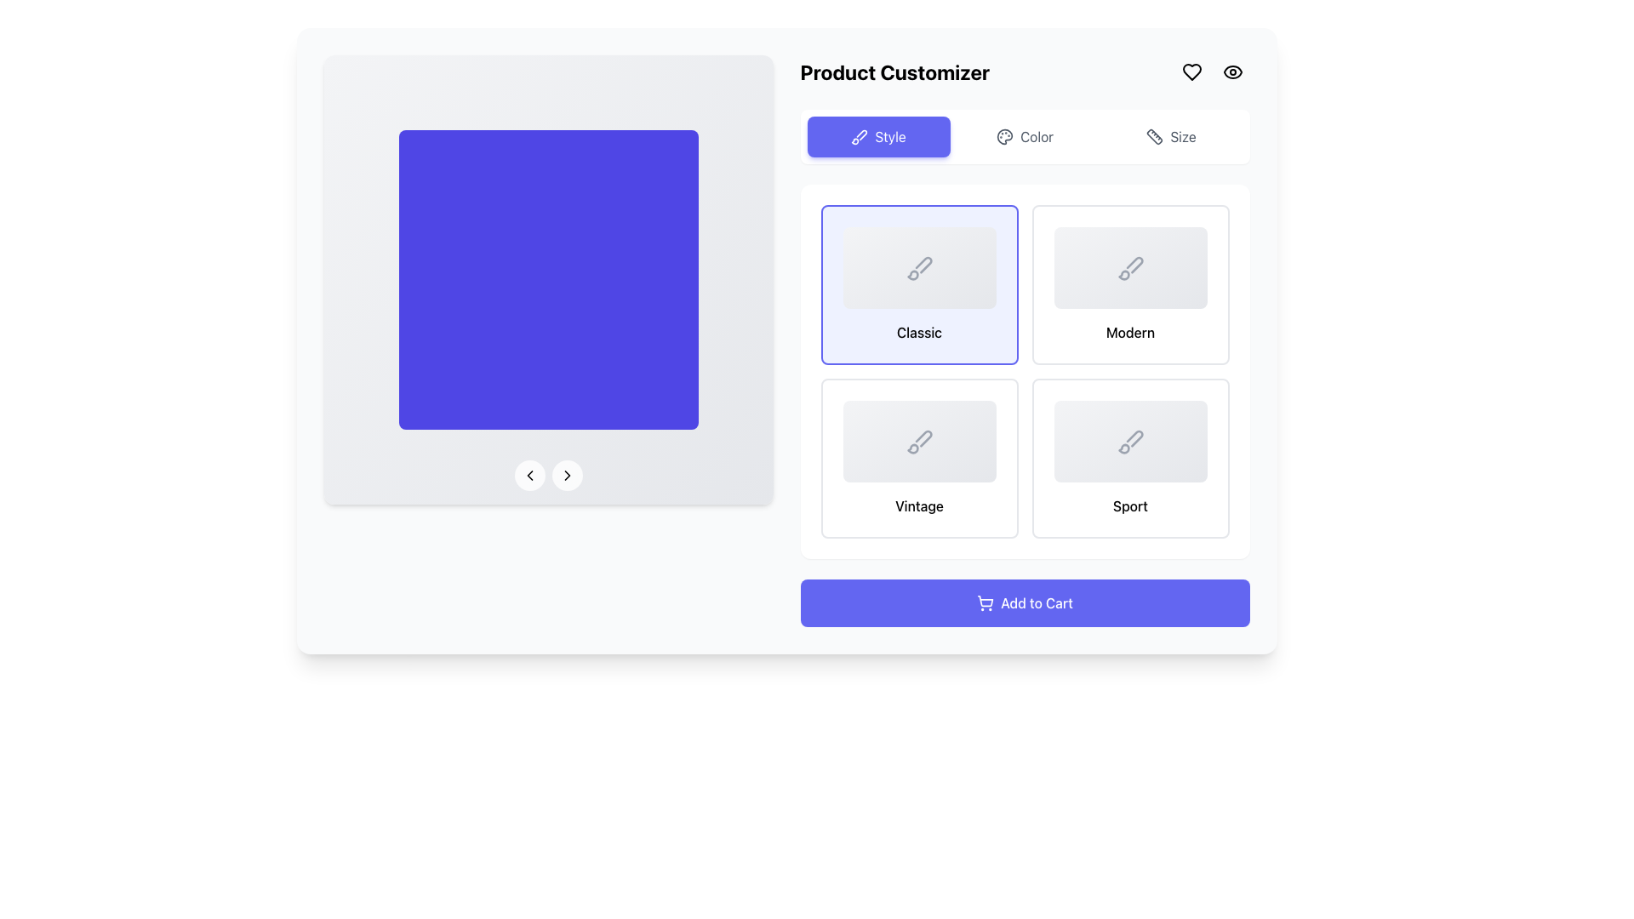 The image size is (1634, 919). I want to click on the shopping cart icon which is part of the 'Add to Cart' button, located at the bottom-center of the interface, so click(986, 602).